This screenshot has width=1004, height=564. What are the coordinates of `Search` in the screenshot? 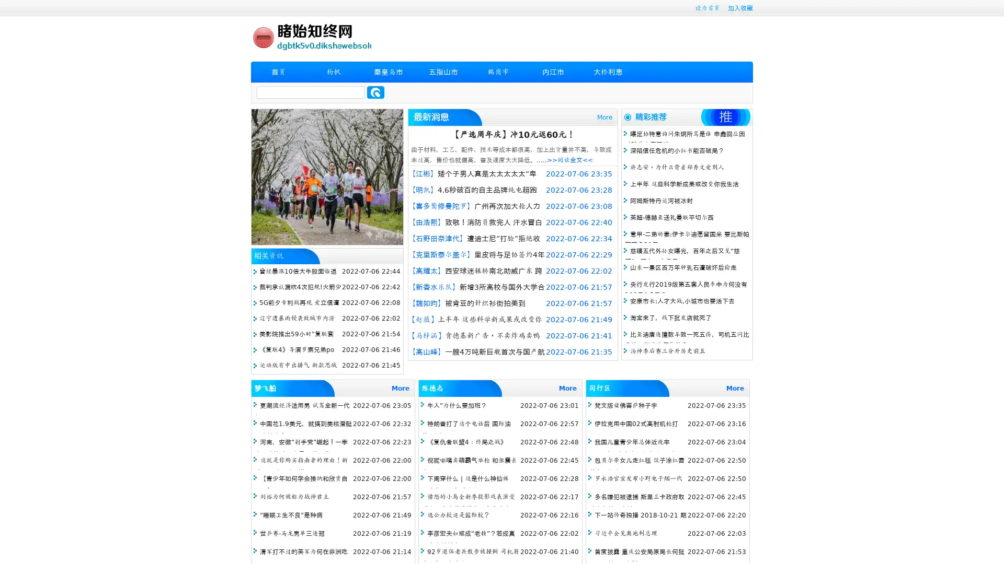 It's located at (375, 92).